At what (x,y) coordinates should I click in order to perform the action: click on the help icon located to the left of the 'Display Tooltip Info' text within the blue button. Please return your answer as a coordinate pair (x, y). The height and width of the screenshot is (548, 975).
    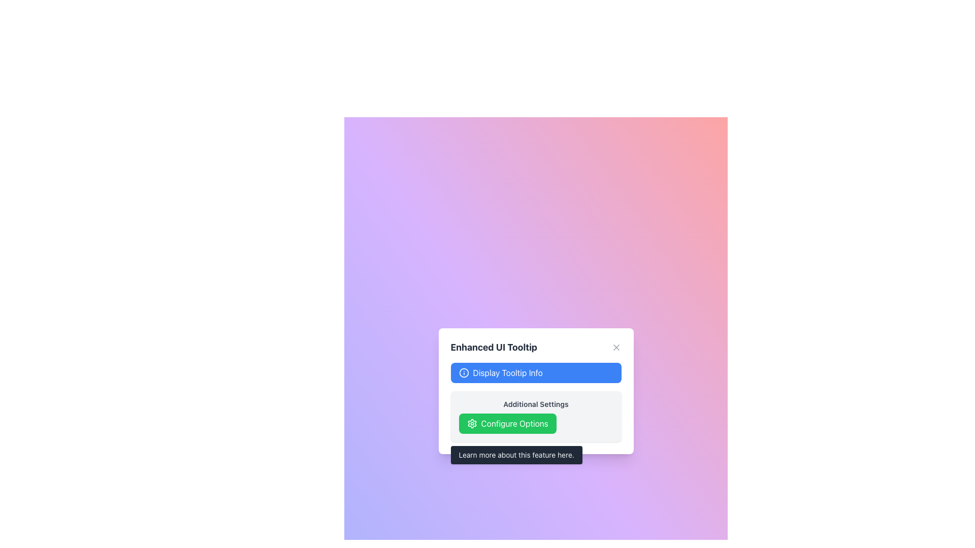
    Looking at the image, I should click on (463, 373).